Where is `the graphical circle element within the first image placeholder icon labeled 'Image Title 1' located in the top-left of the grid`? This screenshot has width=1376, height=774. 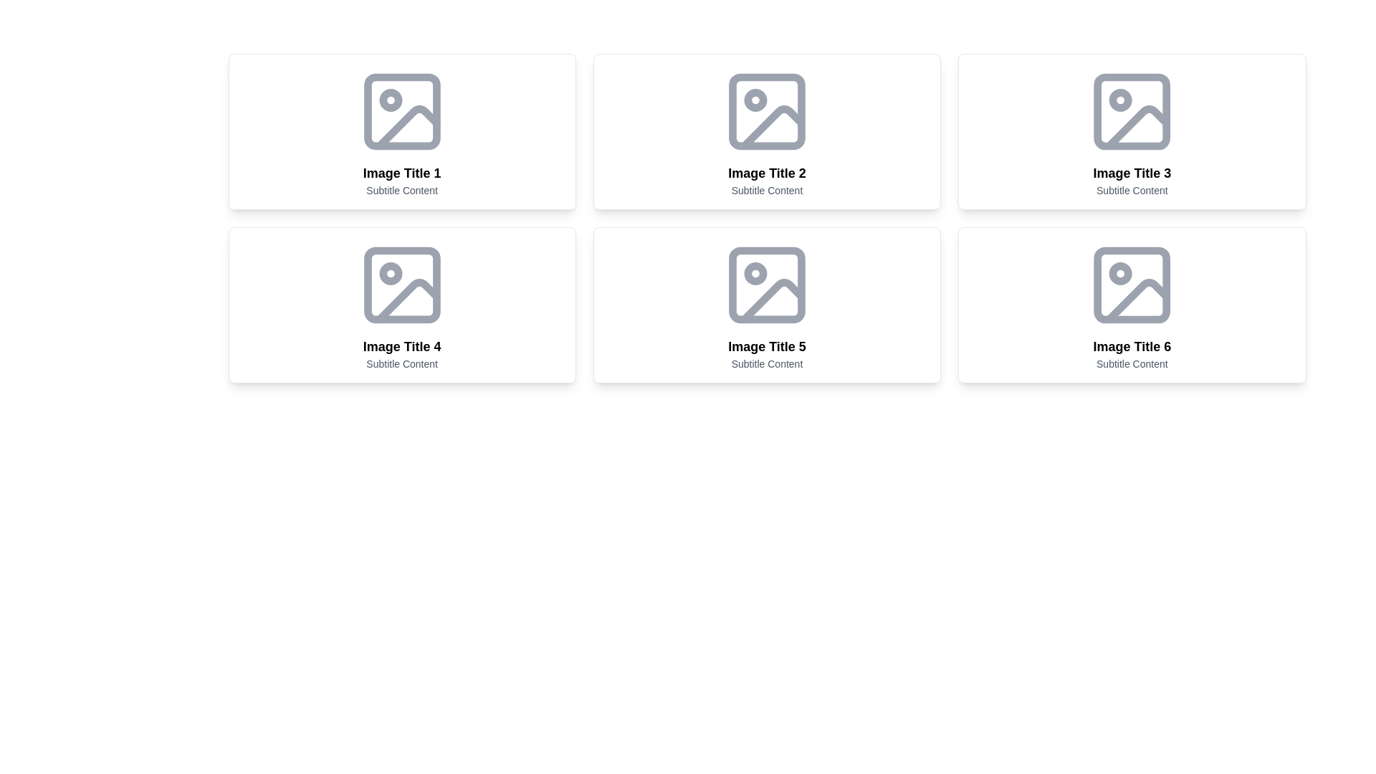 the graphical circle element within the first image placeholder icon labeled 'Image Title 1' located in the top-left of the grid is located at coordinates (391, 99).